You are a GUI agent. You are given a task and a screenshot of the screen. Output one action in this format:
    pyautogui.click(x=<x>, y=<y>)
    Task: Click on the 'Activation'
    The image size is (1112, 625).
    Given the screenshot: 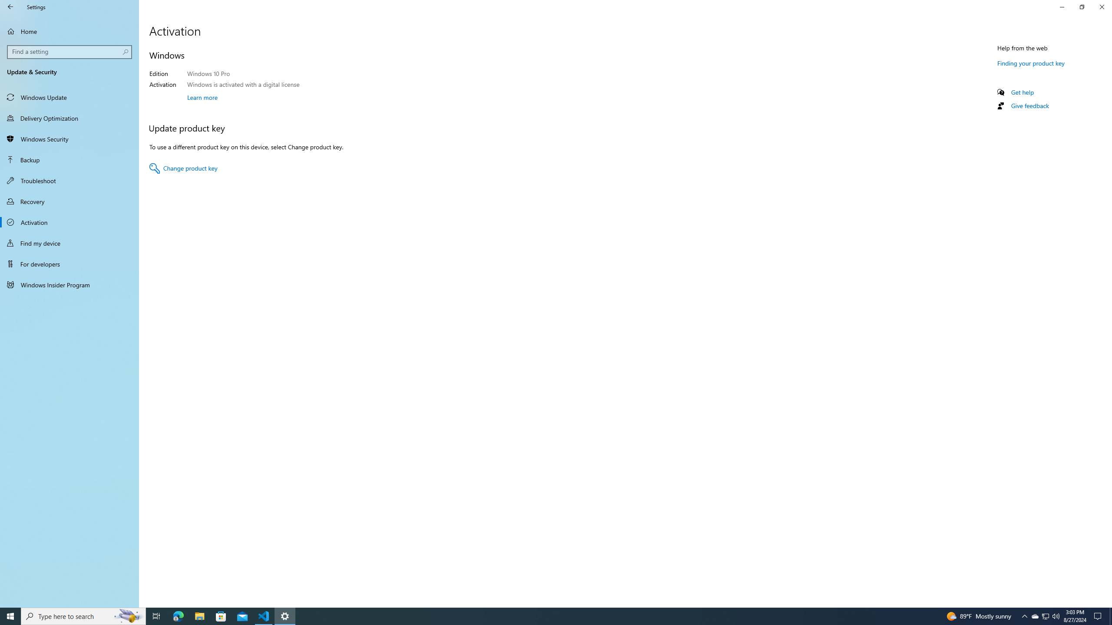 What is the action you would take?
    pyautogui.click(x=69, y=221)
    